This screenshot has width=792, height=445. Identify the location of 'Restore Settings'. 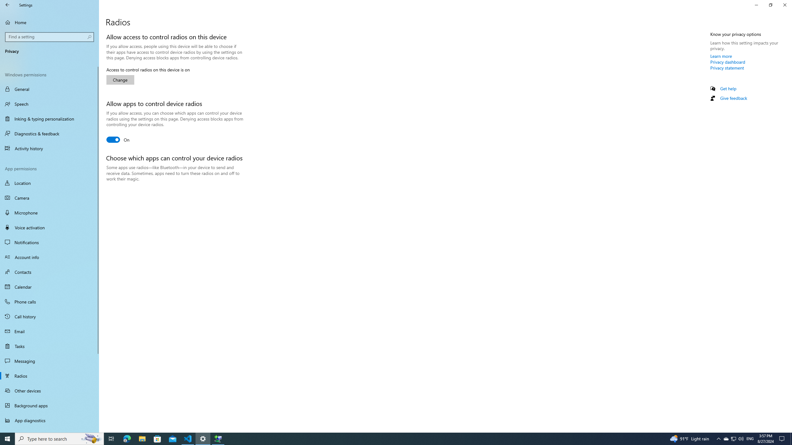
(770, 5).